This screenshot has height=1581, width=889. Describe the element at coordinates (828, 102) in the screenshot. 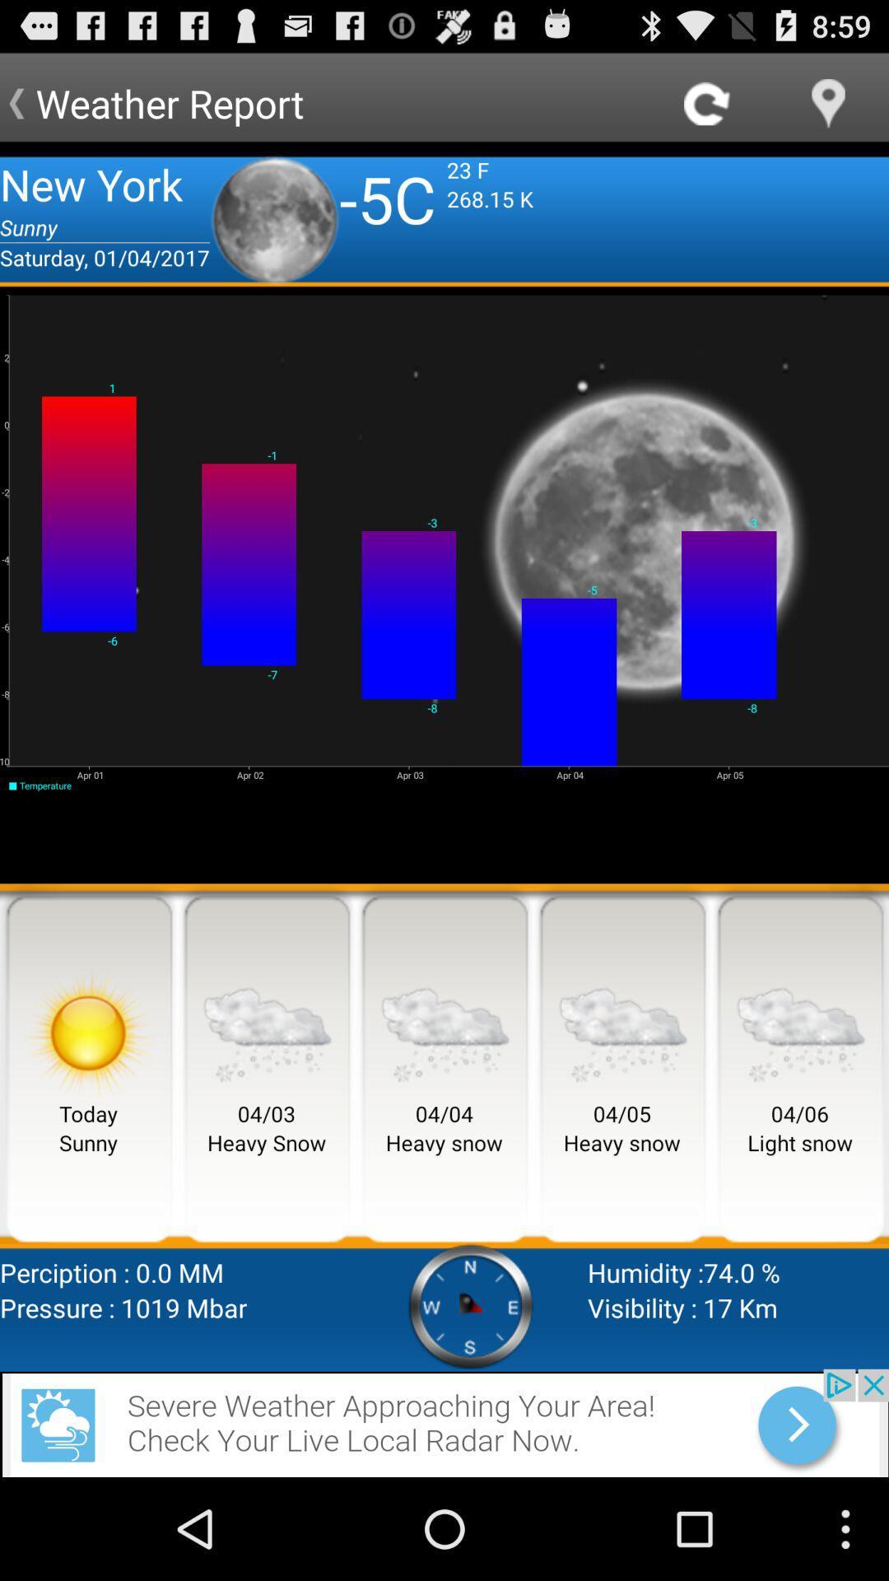

I see `open maps` at that location.